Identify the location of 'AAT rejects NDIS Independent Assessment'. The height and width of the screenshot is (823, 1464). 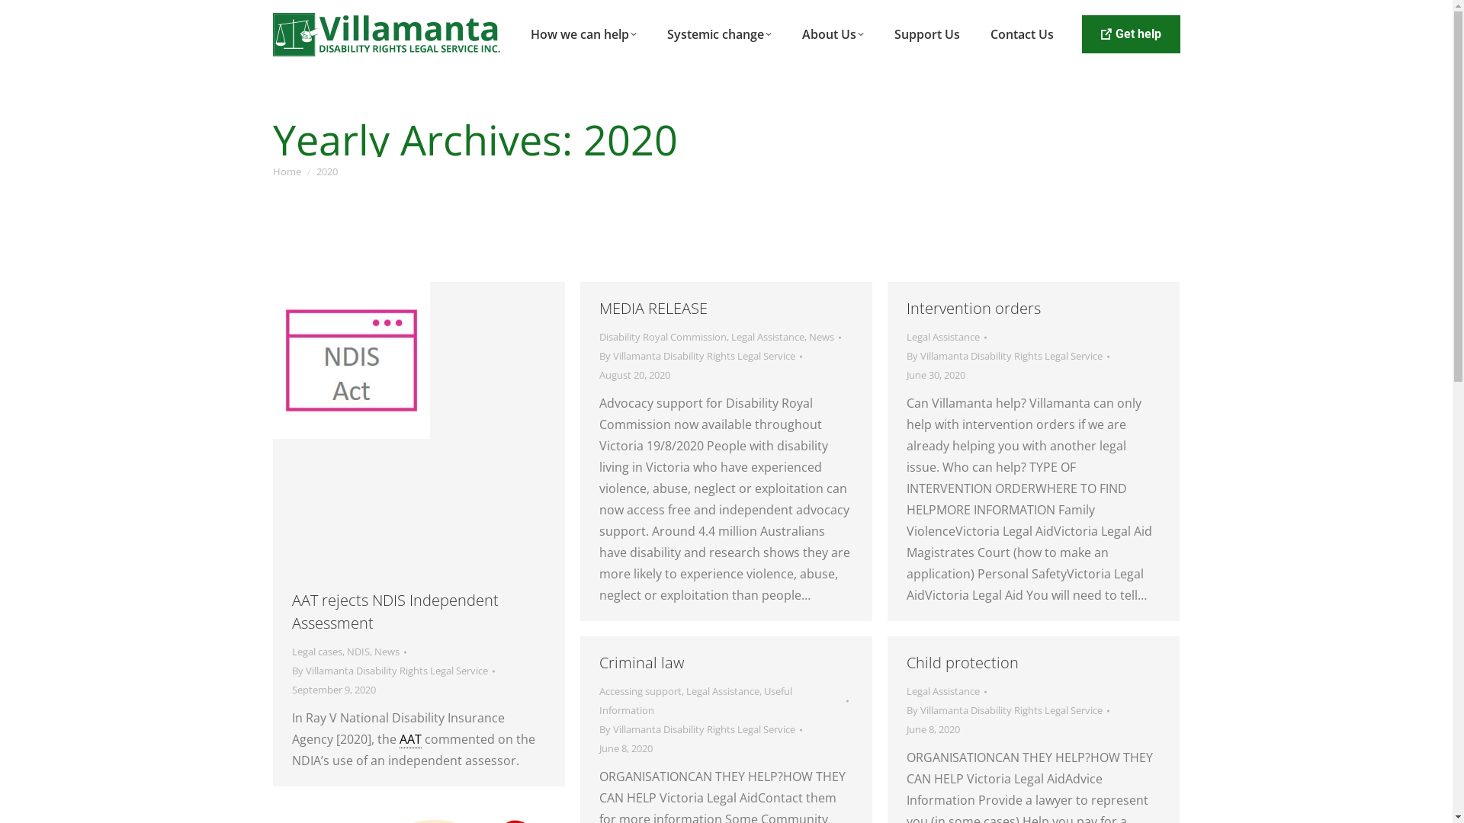
(394, 610).